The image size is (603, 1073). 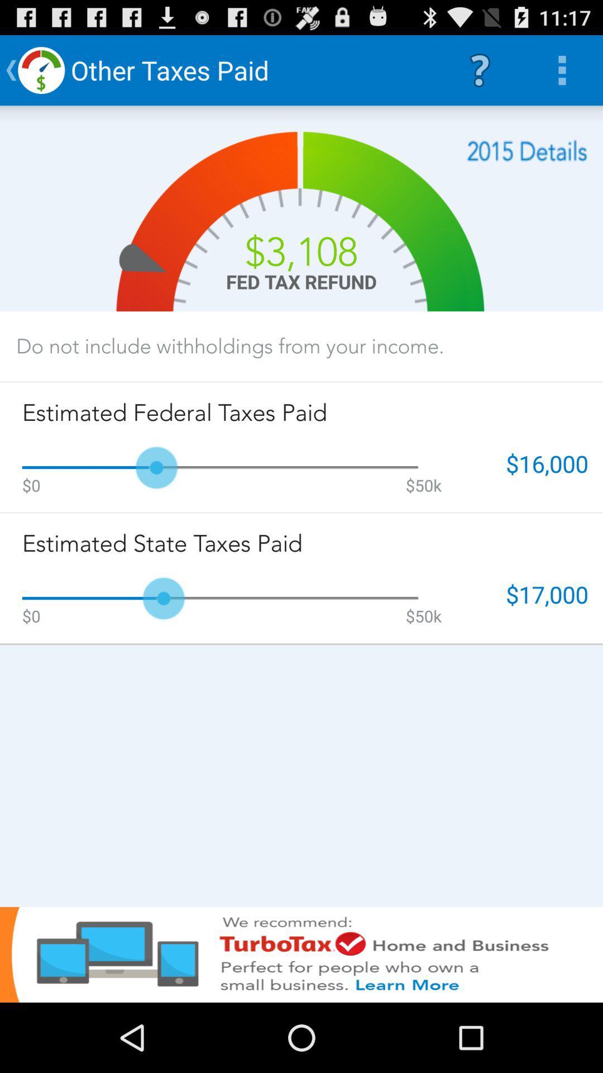 What do you see at coordinates (229, 345) in the screenshot?
I see `the app above the estimated federal taxes app` at bounding box center [229, 345].